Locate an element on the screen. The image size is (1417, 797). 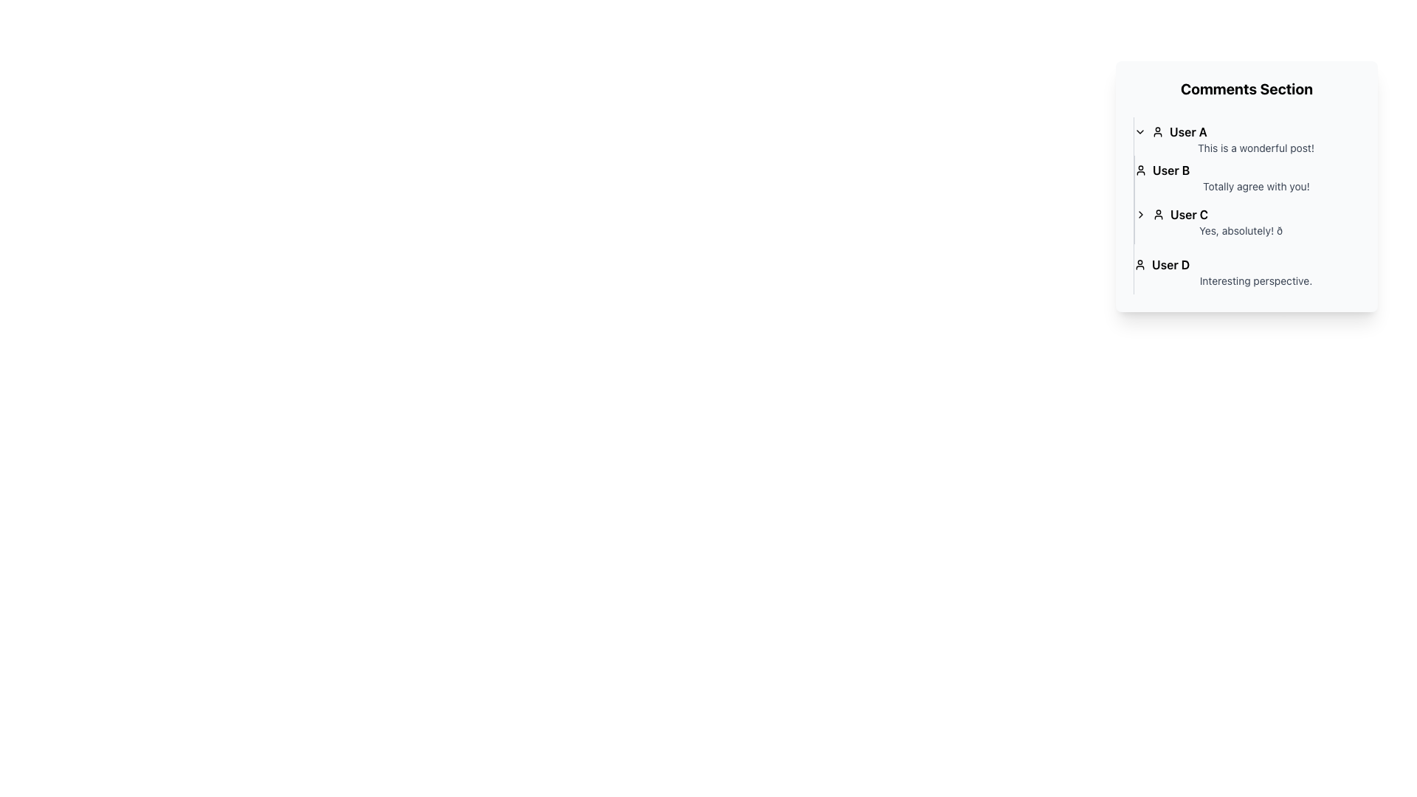
the bold text label displaying 'User C' is located at coordinates (1189, 214).